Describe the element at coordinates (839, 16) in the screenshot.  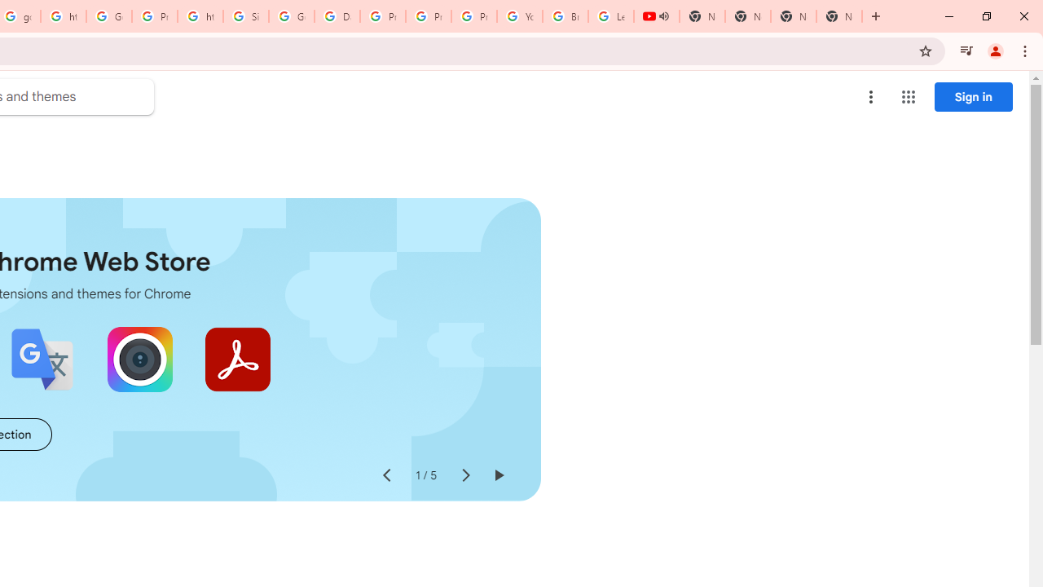
I see `'New Tab'` at that location.